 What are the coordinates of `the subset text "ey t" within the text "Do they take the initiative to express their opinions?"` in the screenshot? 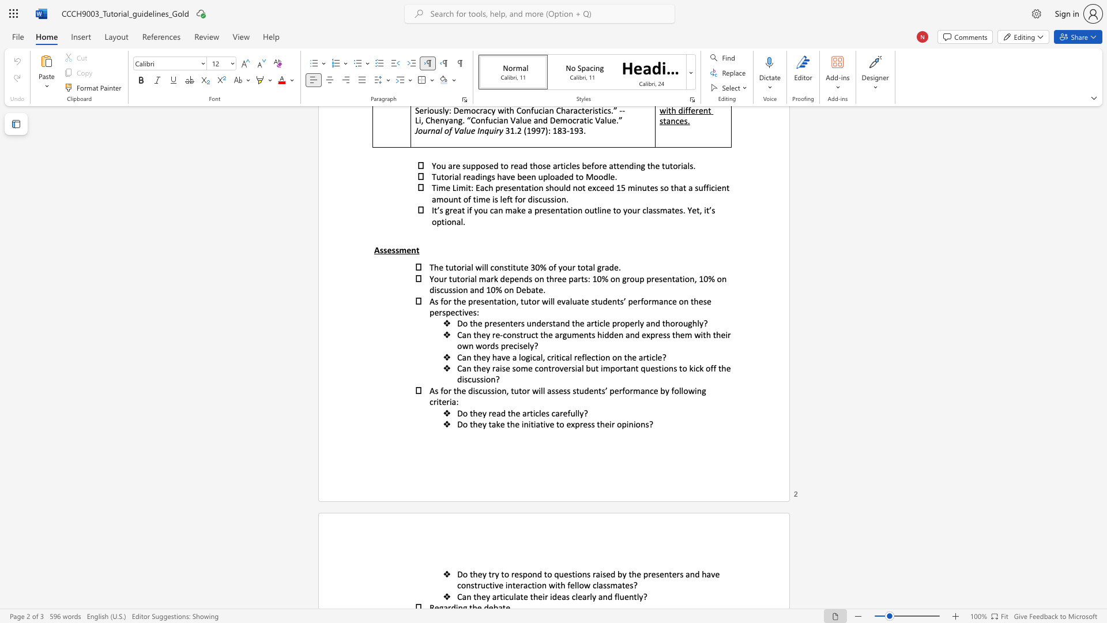 It's located at (477, 424).